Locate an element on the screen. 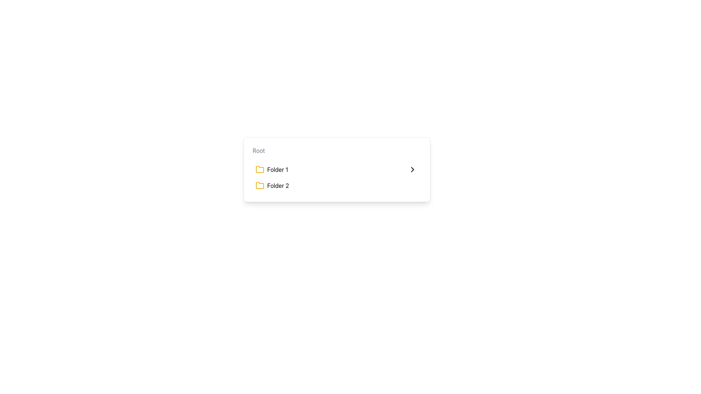  the right-pointing Chevron icon located to the right of the 'Folder 1' text is located at coordinates (412, 170).